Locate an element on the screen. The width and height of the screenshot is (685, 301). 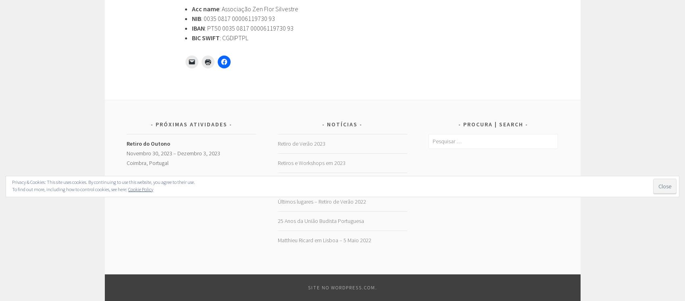
'Retiro de Outono – Coimbra 2022' is located at coordinates (316, 181).